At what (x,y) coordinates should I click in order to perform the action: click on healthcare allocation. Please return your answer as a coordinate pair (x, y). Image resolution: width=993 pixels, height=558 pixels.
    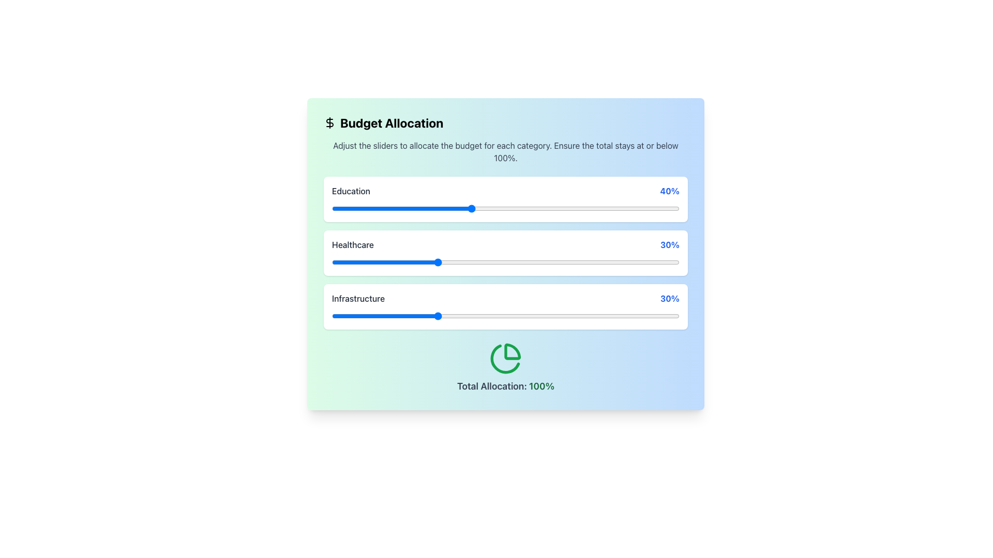
    Looking at the image, I should click on (530, 262).